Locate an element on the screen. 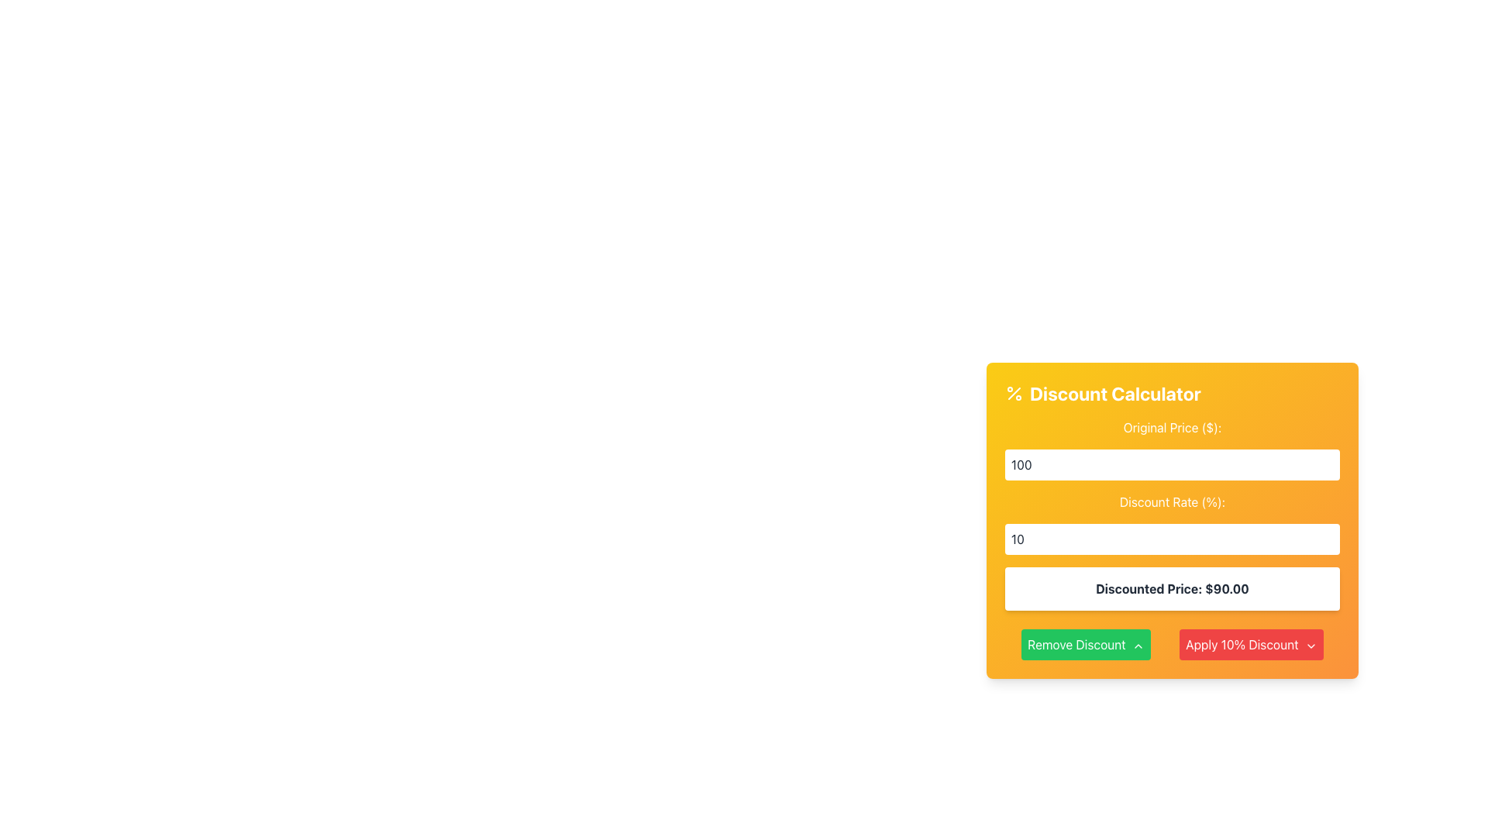 The image size is (1488, 837). the Text heading element at the top of the discount calculator panel, which has a gradient background transitioning from yellow to orange is located at coordinates (1172, 393).